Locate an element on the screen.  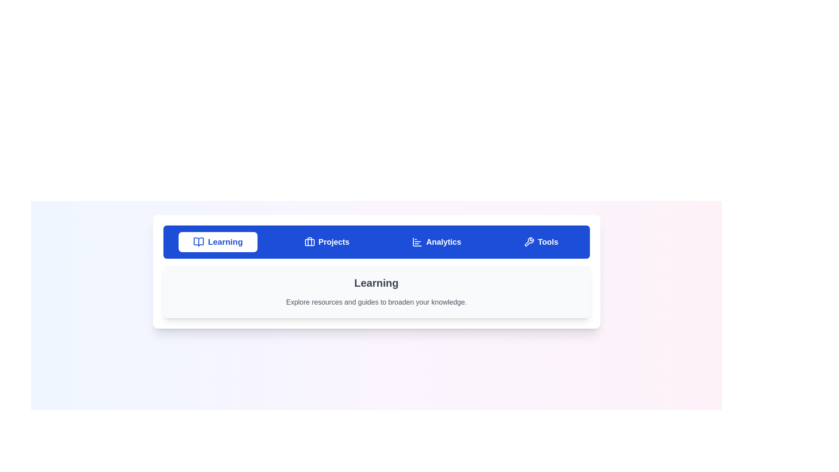
the 'Projects' button icon in the navigation bar is located at coordinates (309, 242).